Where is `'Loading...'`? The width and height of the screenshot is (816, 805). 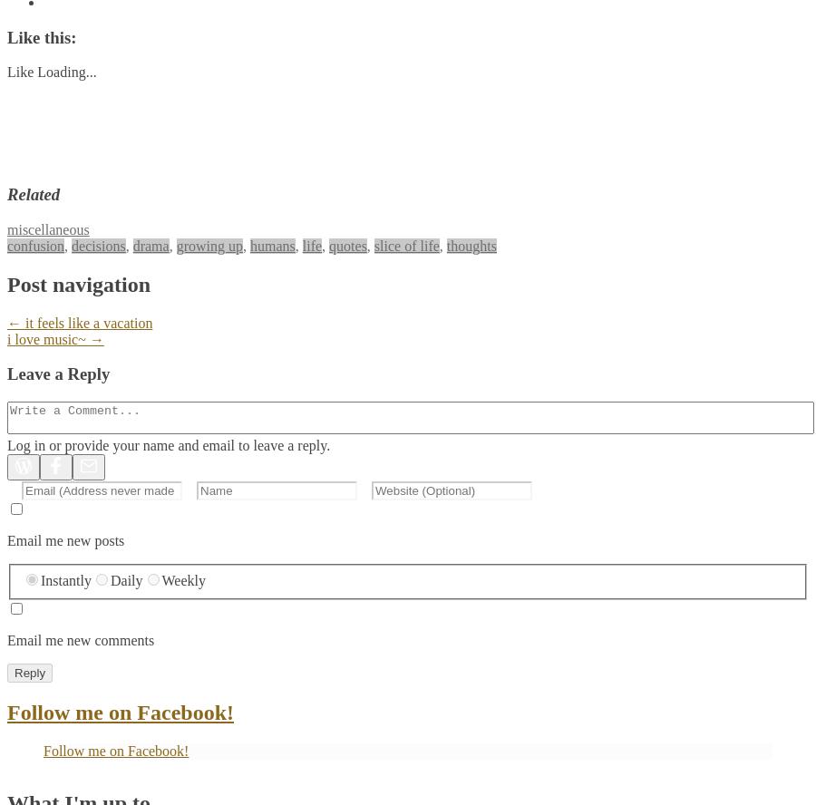
'Loading...' is located at coordinates (65, 71).